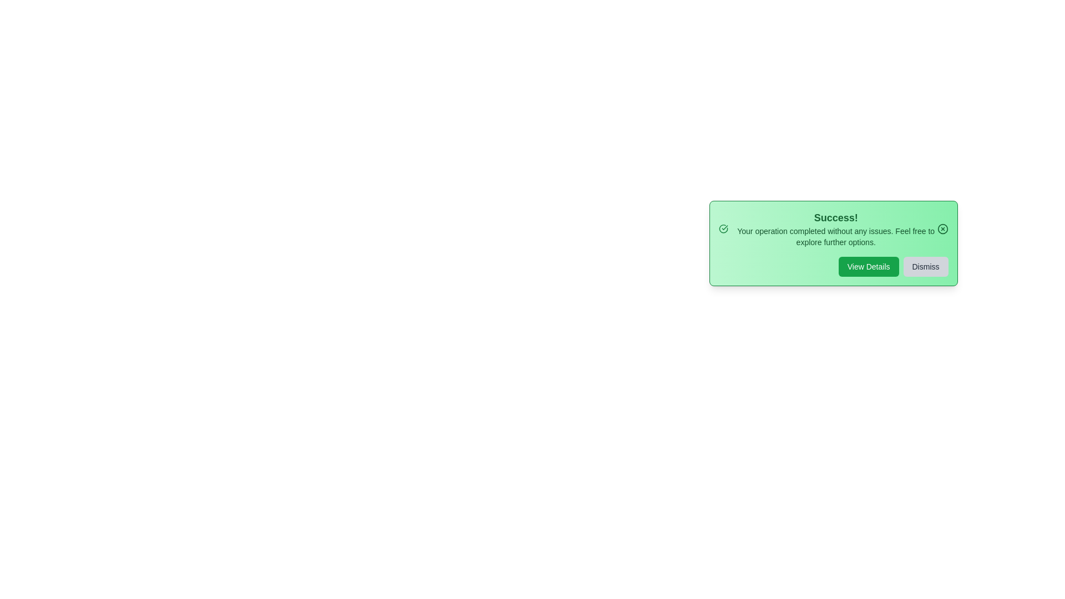 The height and width of the screenshot is (599, 1065). I want to click on the text within the alert box to select it, so click(833, 228).